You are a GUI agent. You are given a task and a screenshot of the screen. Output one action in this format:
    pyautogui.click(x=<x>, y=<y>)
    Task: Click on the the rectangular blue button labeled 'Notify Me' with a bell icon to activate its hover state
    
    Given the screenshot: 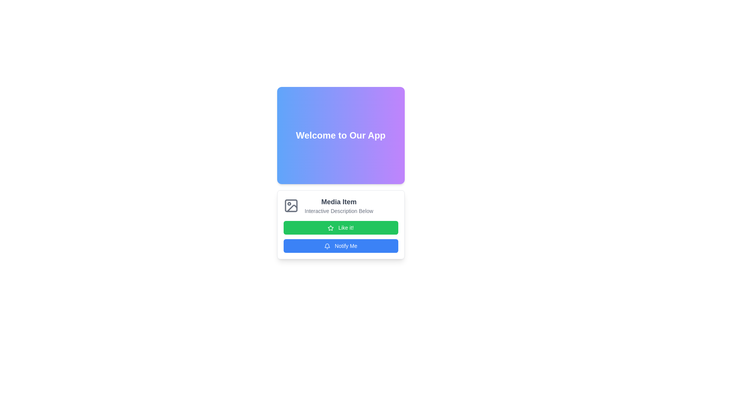 What is the action you would take?
    pyautogui.click(x=340, y=246)
    